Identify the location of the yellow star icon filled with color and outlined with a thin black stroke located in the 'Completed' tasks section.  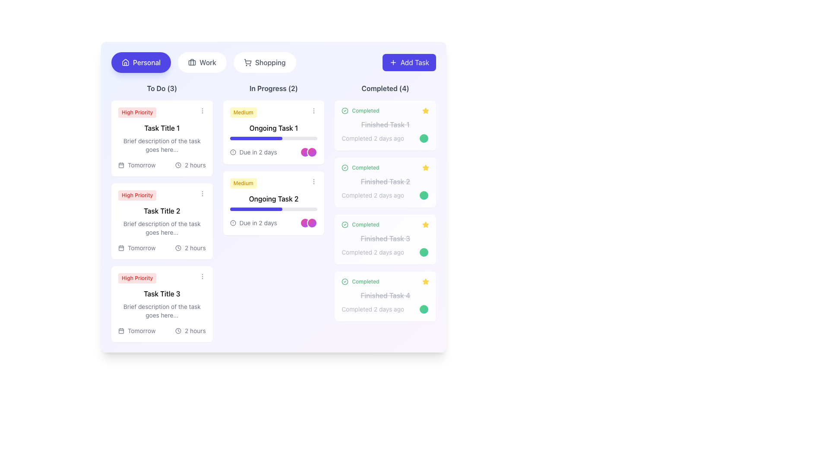
(425, 224).